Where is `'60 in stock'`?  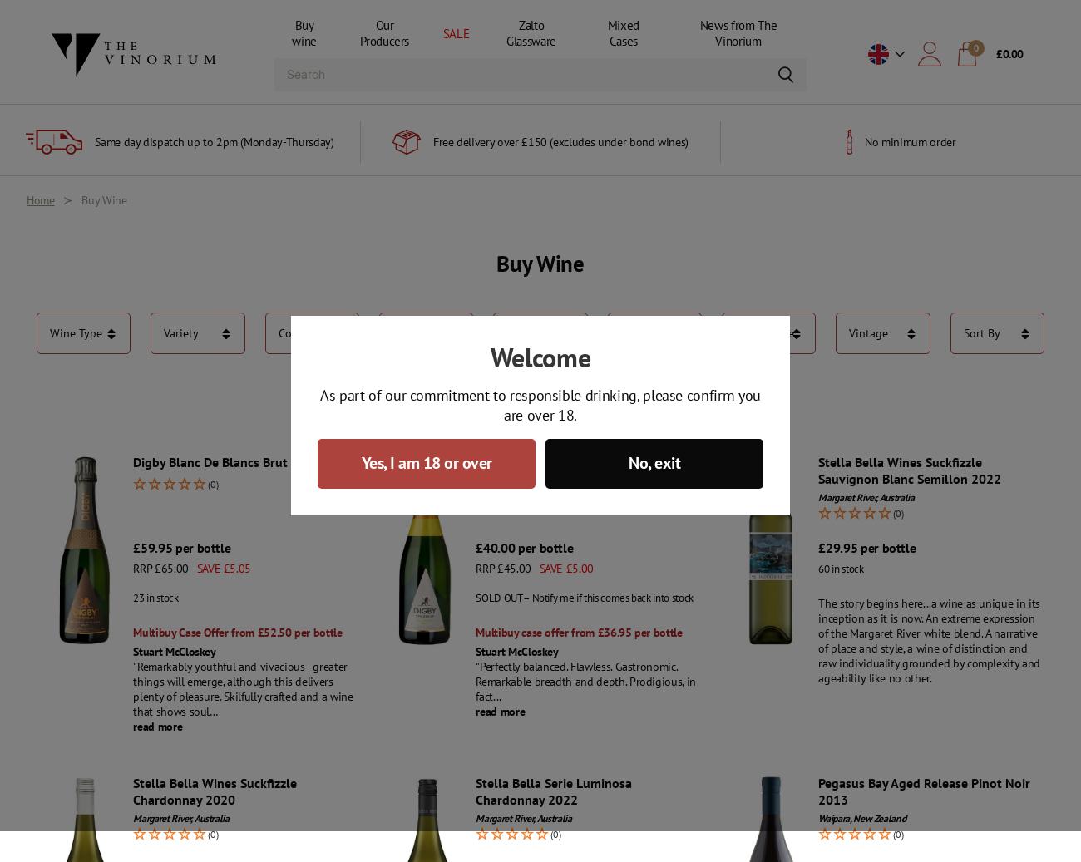 '60 in stock' is located at coordinates (840, 569).